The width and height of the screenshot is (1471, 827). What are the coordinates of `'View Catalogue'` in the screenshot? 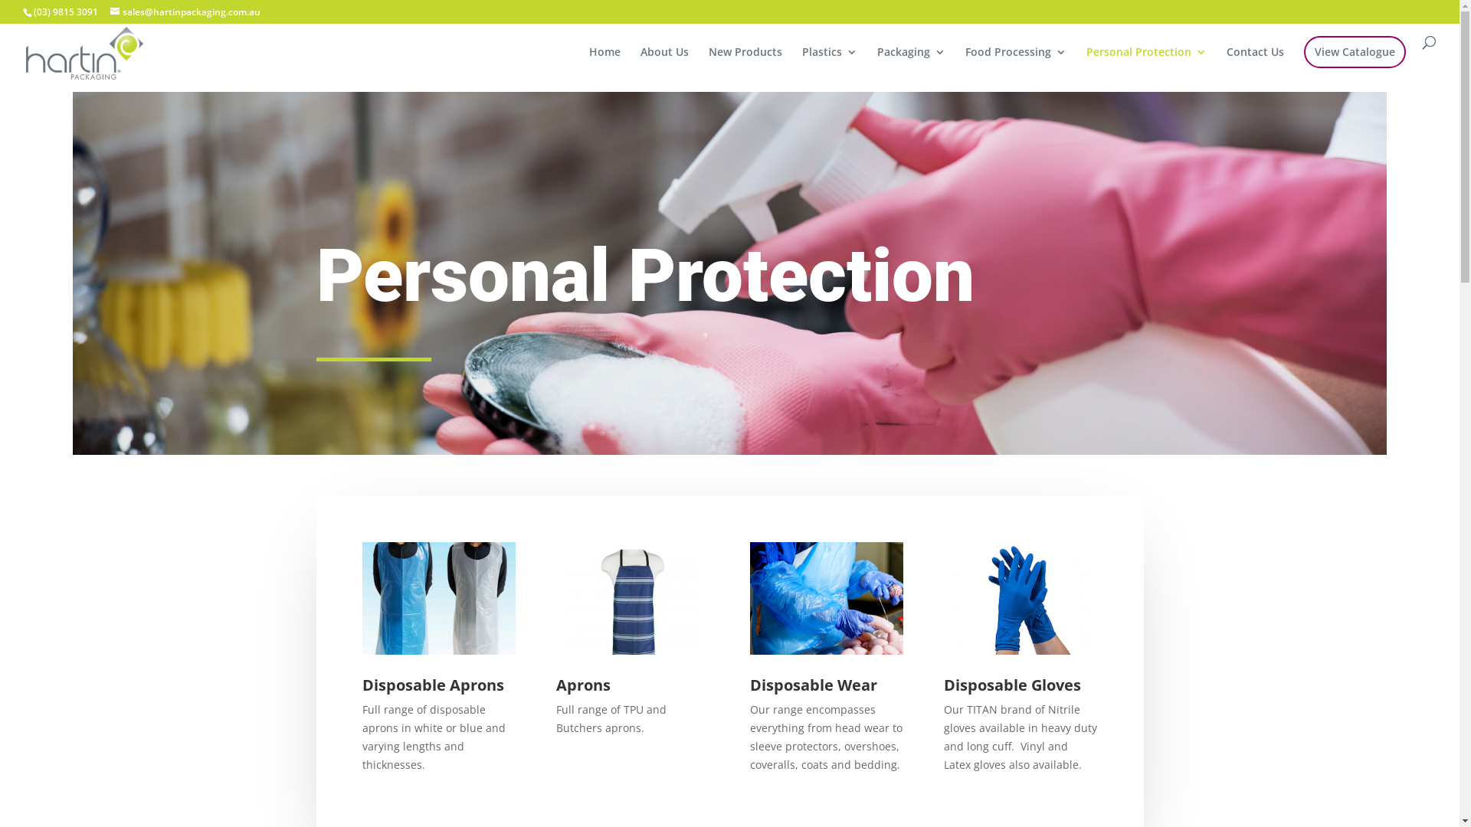 It's located at (1355, 51).